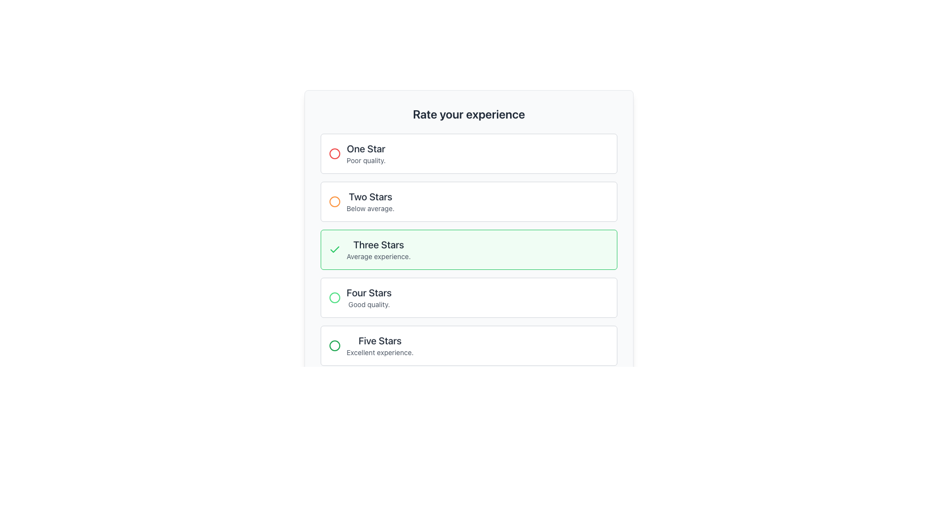 The height and width of the screenshot is (529, 940). Describe the element at coordinates (335, 153) in the screenshot. I see `the visual indicator circle for the 'One Star' rating option located to the left of the text 'One Star' in the vertical list under 'Rate your experience'` at that location.